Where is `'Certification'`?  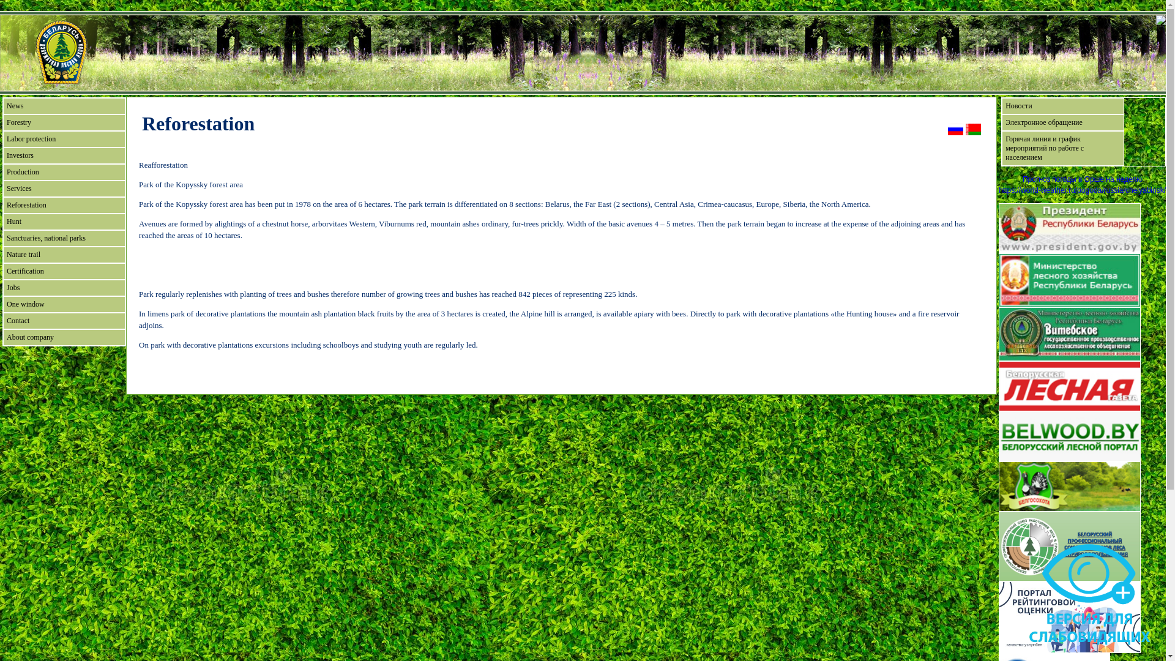
'Certification' is located at coordinates (64, 271).